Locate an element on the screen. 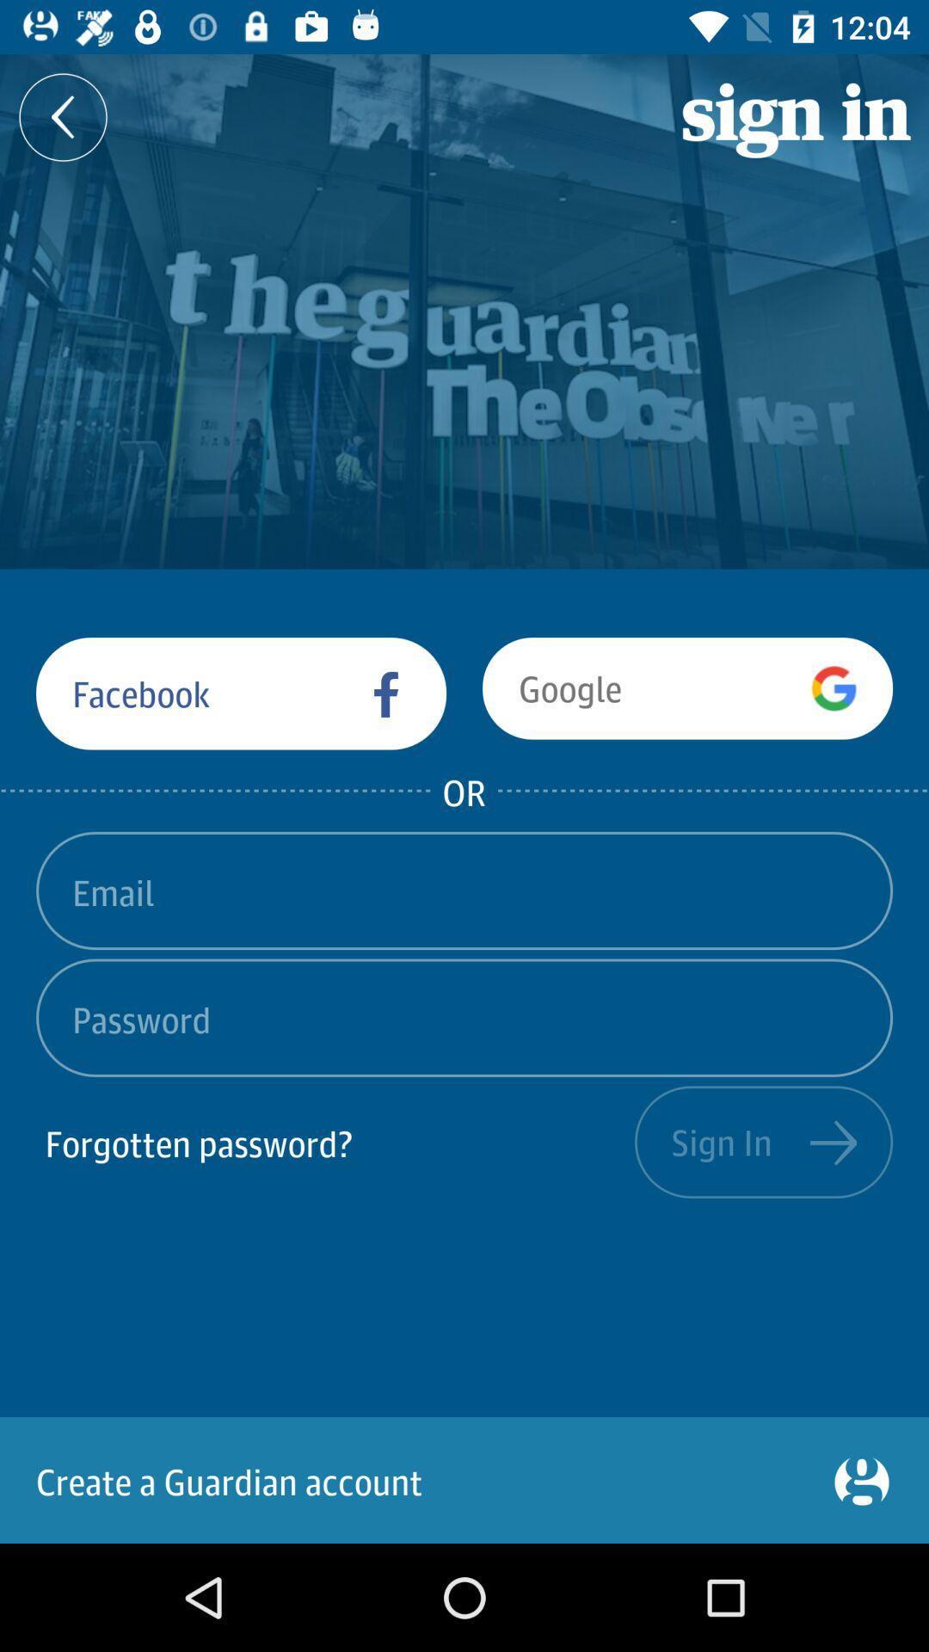  item to the left of sign in is located at coordinates (335, 1142).